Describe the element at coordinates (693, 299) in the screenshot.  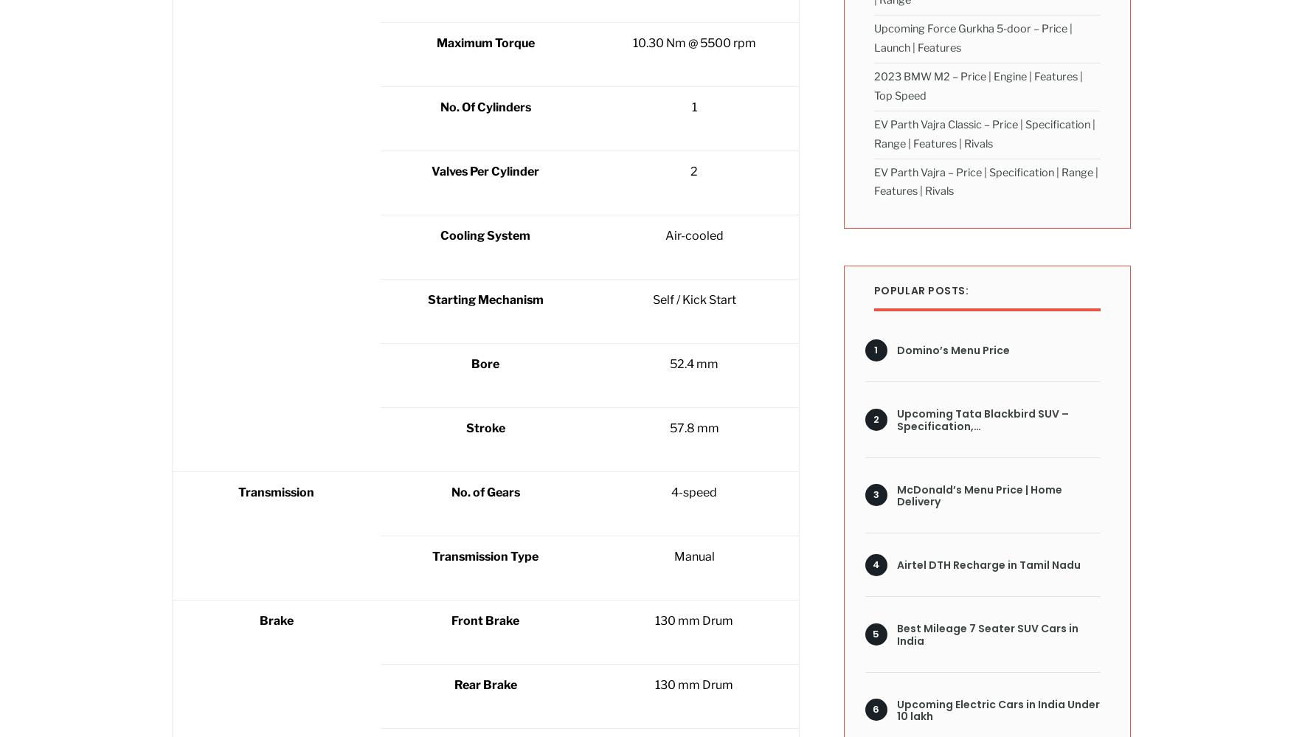
I see `'Self / Kick Start'` at that location.